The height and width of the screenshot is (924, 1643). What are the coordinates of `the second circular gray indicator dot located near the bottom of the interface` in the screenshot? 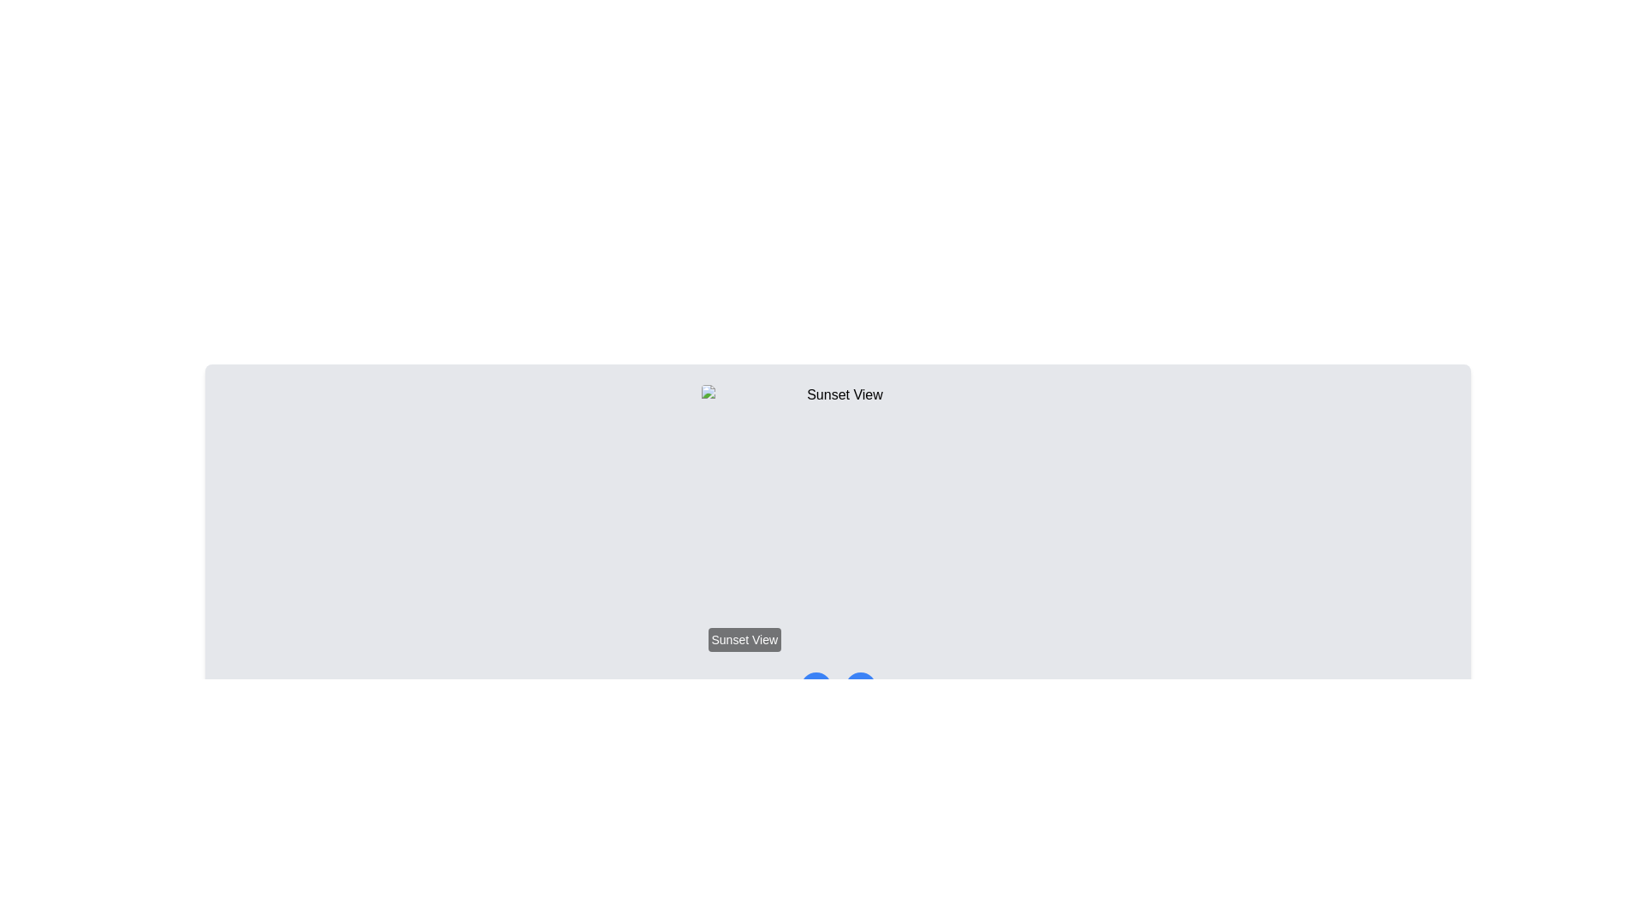 It's located at (838, 722).